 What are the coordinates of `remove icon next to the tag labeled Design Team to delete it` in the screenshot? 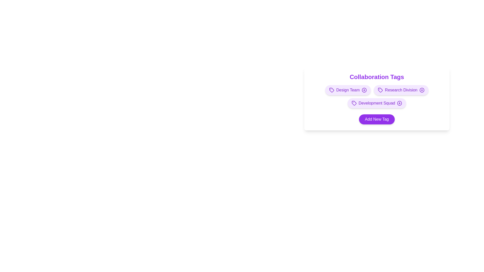 It's located at (364, 90).